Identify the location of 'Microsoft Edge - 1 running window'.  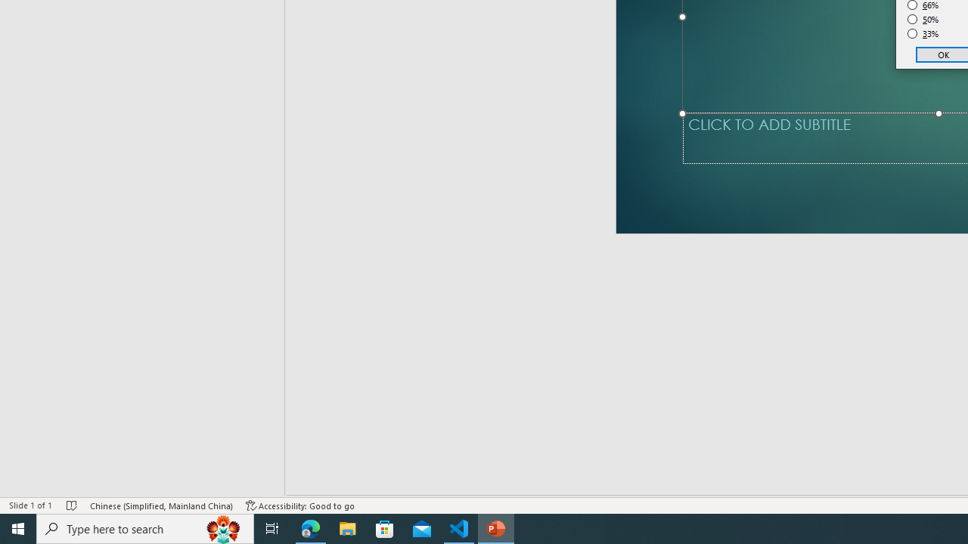
(310, 527).